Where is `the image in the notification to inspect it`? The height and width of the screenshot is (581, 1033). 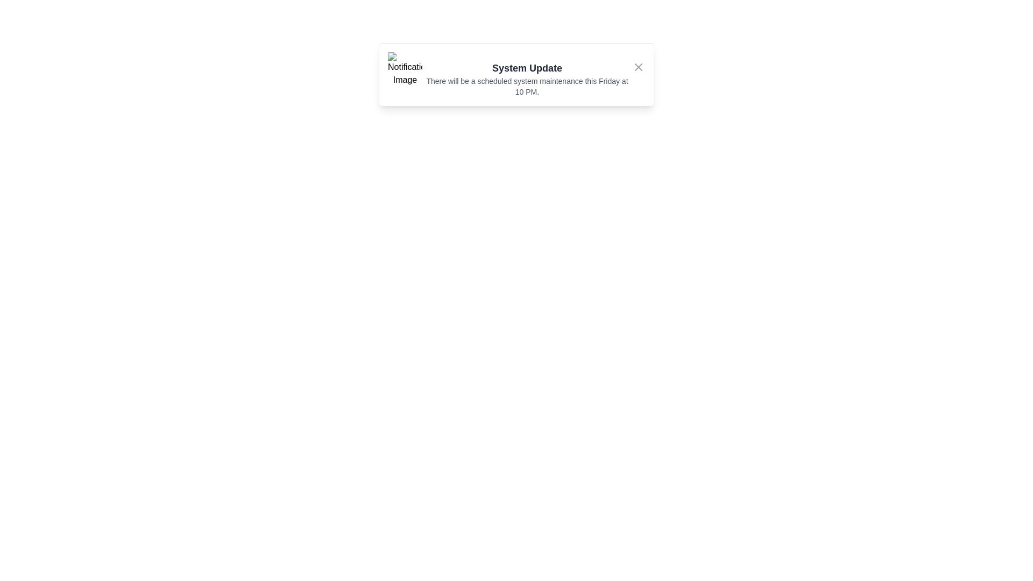
the image in the notification to inspect it is located at coordinates (405, 69).